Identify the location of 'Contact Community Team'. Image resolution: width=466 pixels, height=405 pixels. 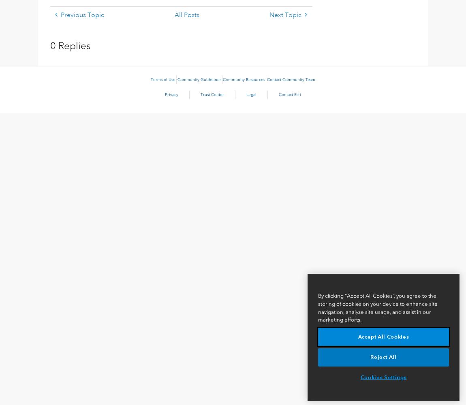
(291, 79).